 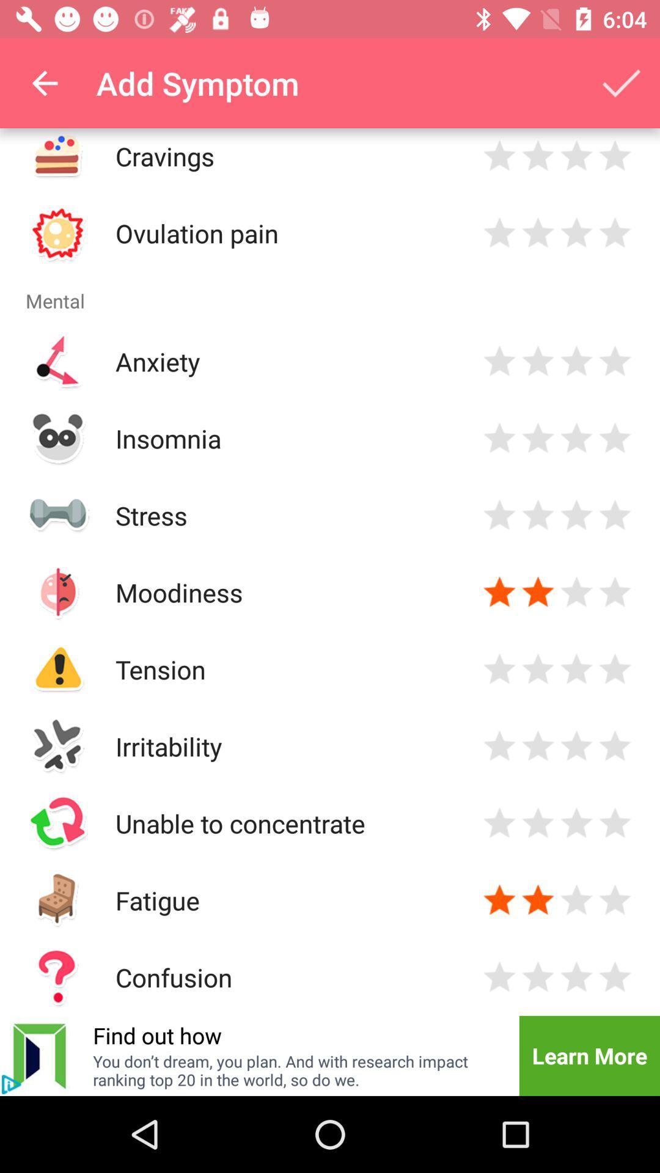 I want to click on selects 4 stars for cravings, so click(x=615, y=155).